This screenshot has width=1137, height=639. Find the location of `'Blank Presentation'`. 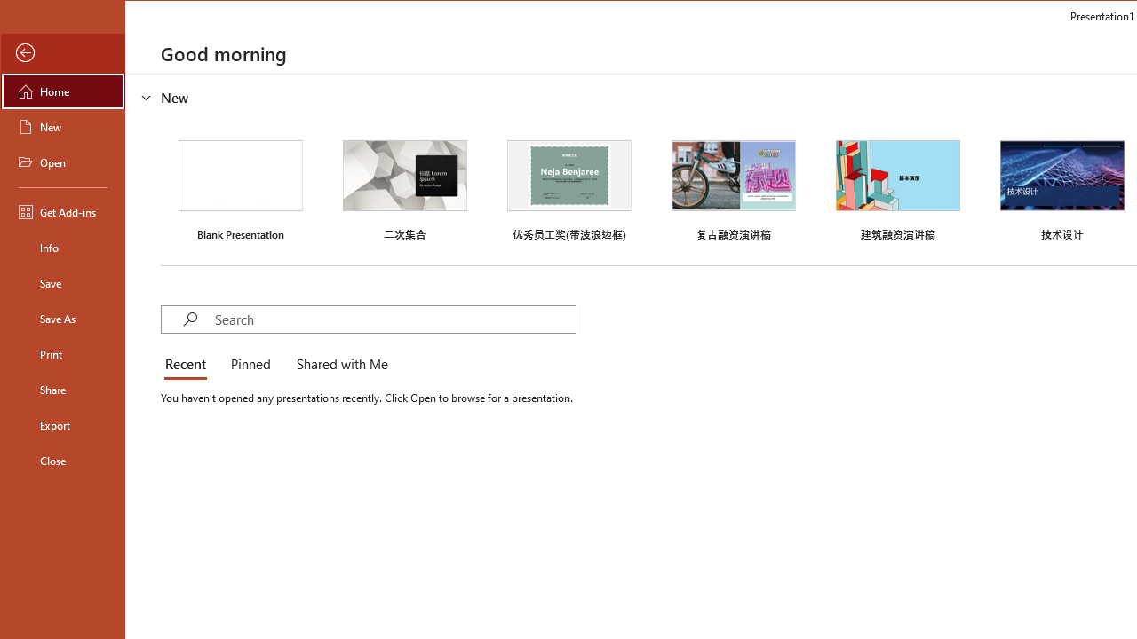

'Blank Presentation' is located at coordinates (239, 188).